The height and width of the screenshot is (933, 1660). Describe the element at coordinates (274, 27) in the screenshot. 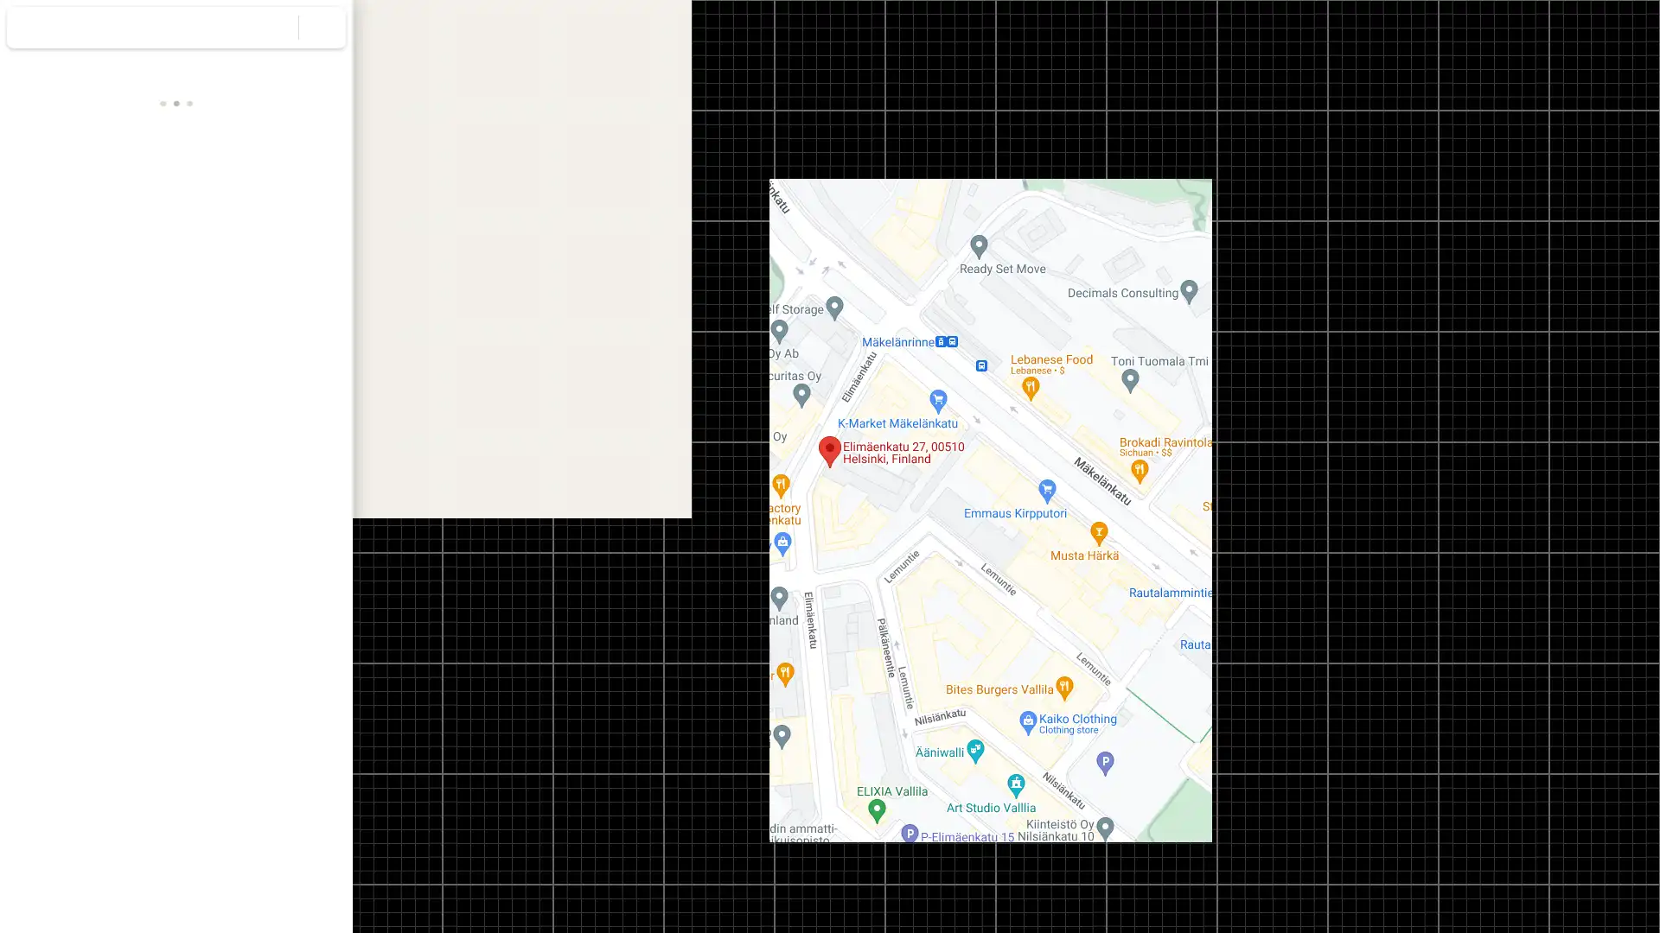

I see `Search` at that location.